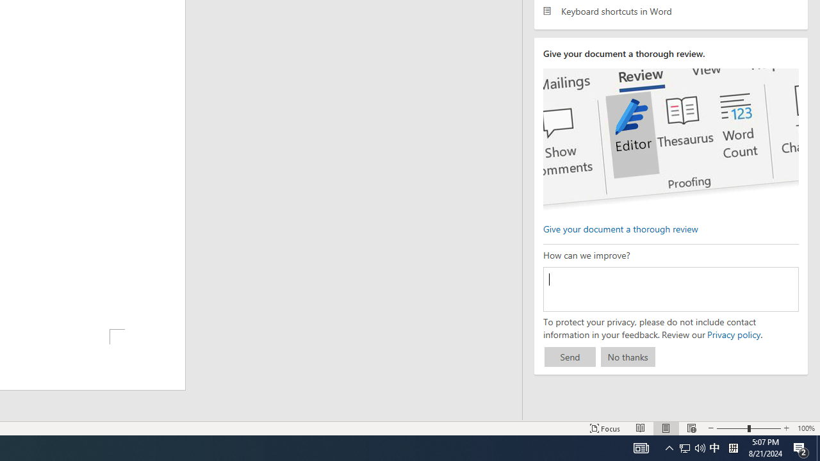 This screenshot has height=461, width=820. I want to click on 'Keyboard shortcuts in Word', so click(670, 11).